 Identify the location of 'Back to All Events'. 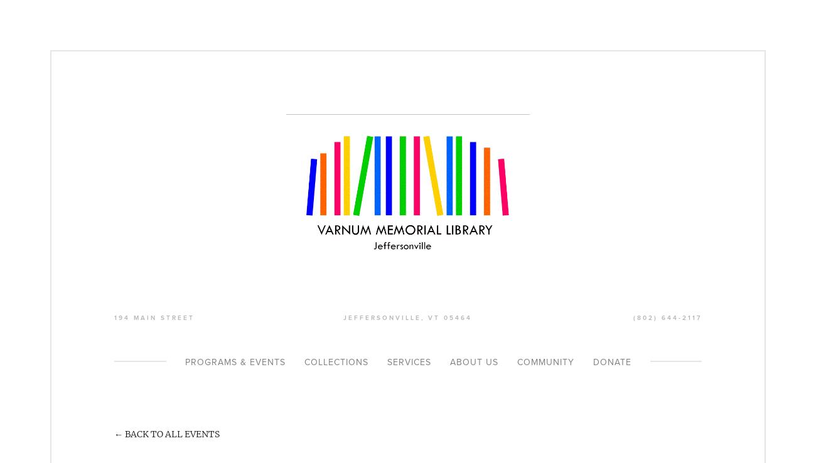
(125, 432).